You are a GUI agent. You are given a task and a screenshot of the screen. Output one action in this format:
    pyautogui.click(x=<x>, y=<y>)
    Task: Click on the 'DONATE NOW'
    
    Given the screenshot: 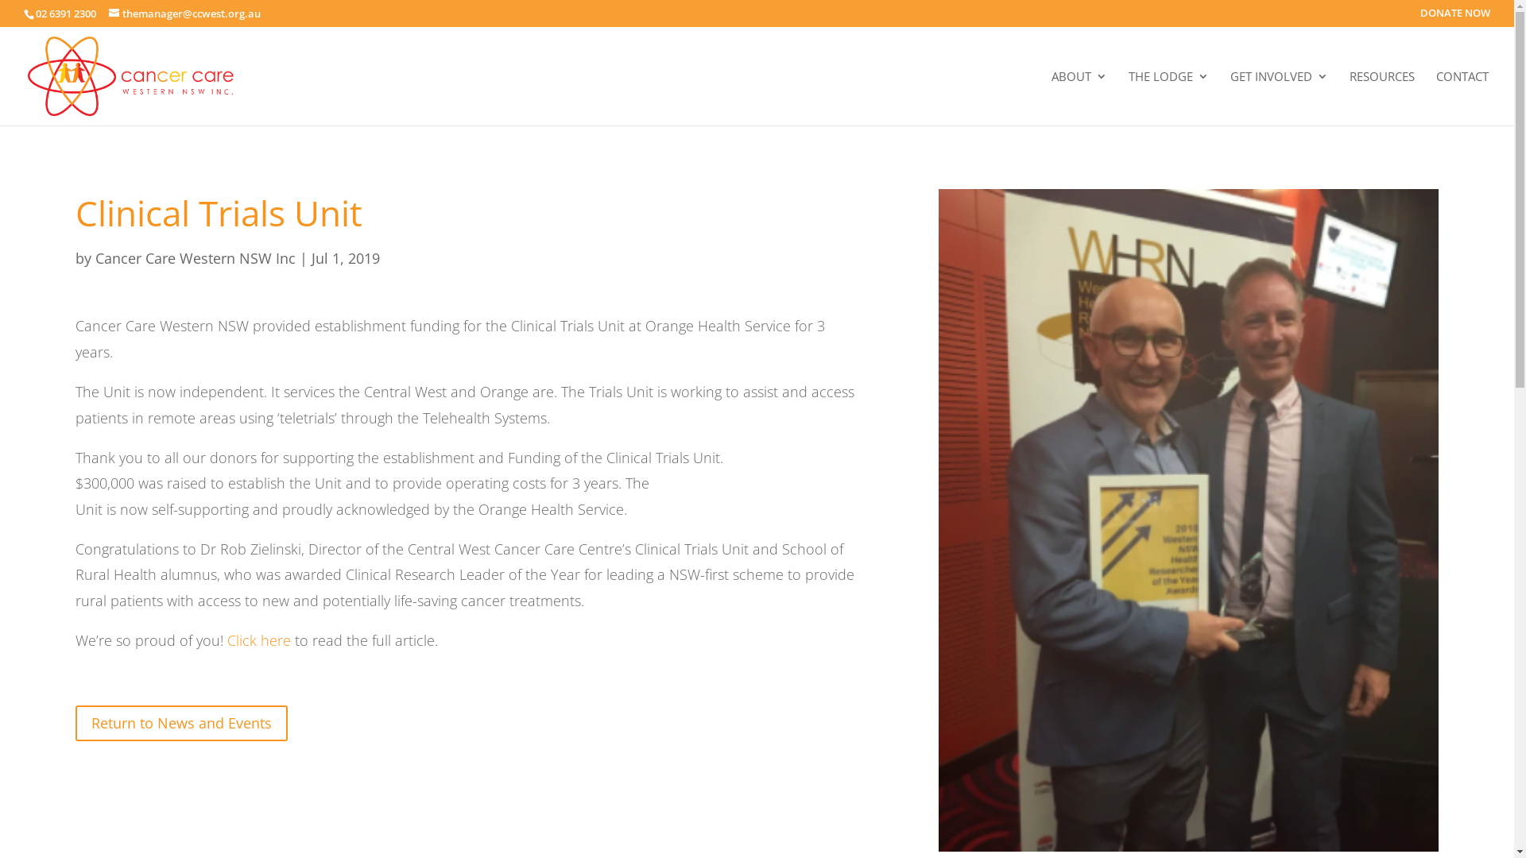 What is the action you would take?
    pyautogui.click(x=1419, y=17)
    